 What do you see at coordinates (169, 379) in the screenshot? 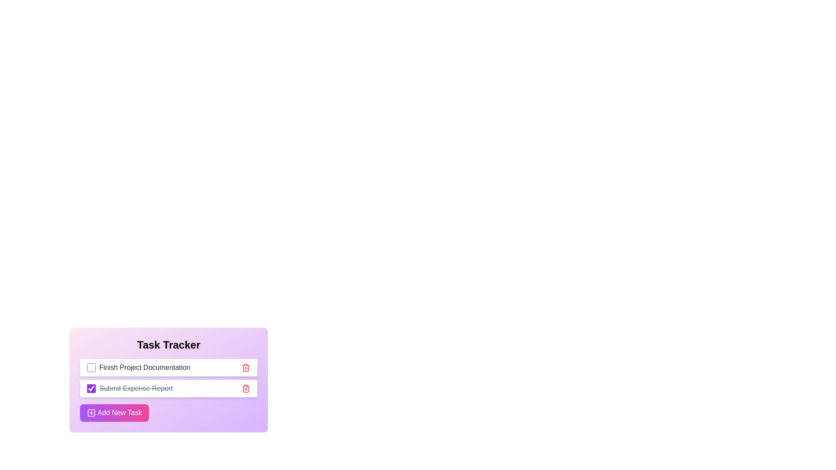
I see `the second task entry in the task list labeled 'Task Tracker' to possibly view additional options` at bounding box center [169, 379].